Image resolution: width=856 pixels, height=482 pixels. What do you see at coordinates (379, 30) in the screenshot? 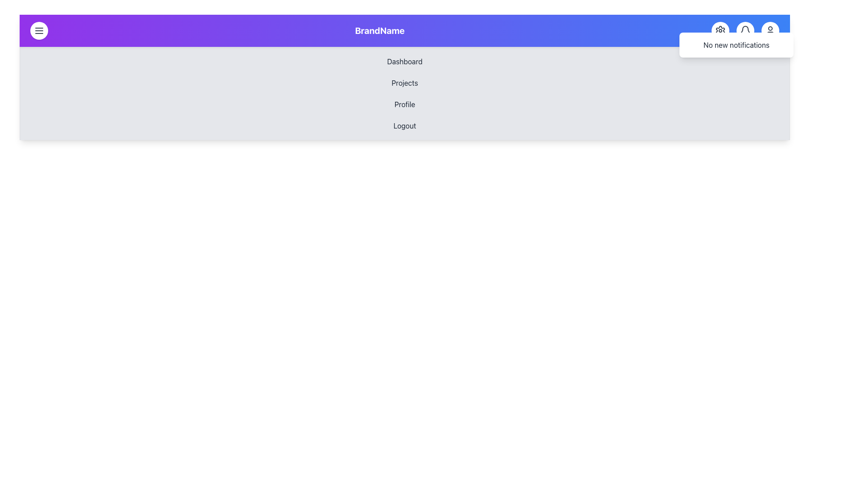
I see `the 'BrandName' text label displayed in a bold and extra-large font on the purple header bar` at bounding box center [379, 30].